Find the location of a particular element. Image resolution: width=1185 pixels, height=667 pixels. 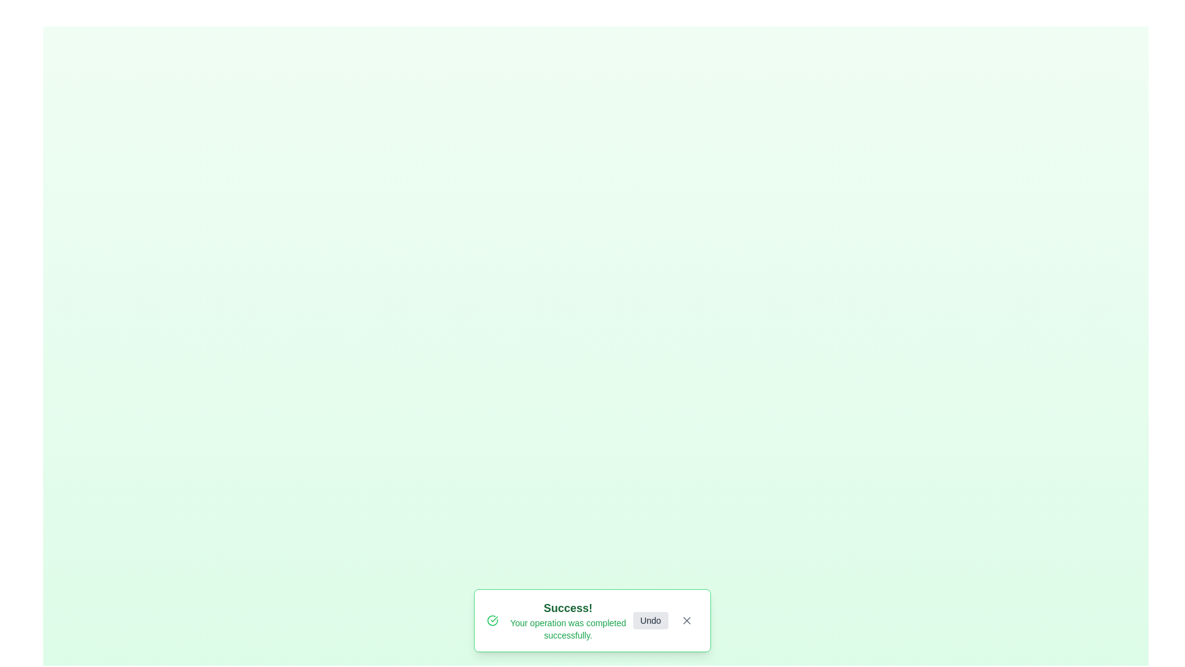

'Undo' button to reverse the operation is located at coordinates (650, 621).